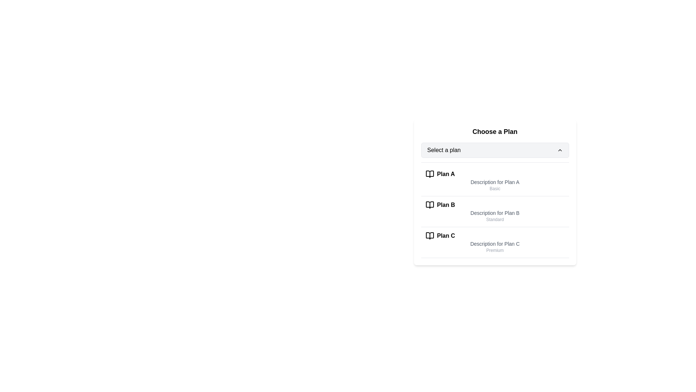 This screenshot has height=392, width=696. What do you see at coordinates (430, 205) in the screenshot?
I see `the decorative icon representing 'Plan B', located at the leftmost side of the 'Plan B' section in a vertical list of options` at bounding box center [430, 205].